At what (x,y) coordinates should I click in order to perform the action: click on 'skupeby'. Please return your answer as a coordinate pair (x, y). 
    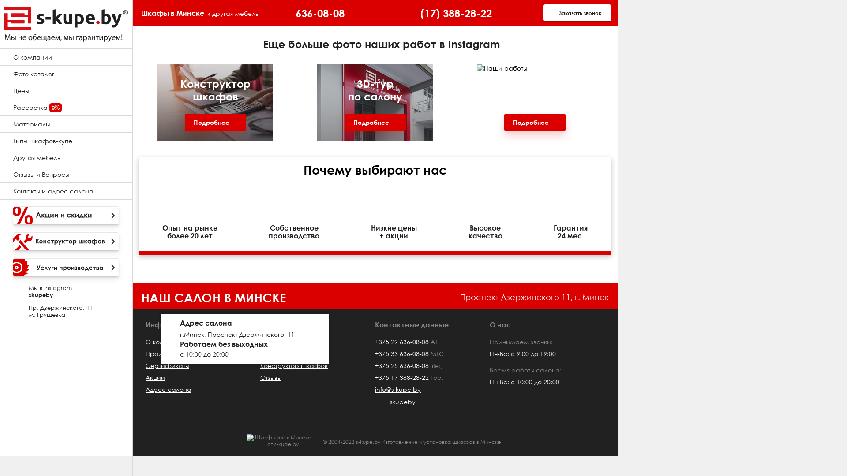
    Looking at the image, I should click on (395, 402).